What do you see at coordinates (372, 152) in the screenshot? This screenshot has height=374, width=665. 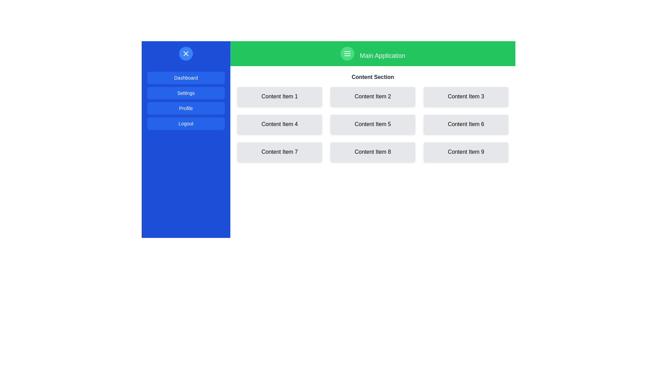 I see `the content item marker labeled 'Content Item 8' located in the middle cell of the third row of a 3x3 grid` at bounding box center [372, 152].